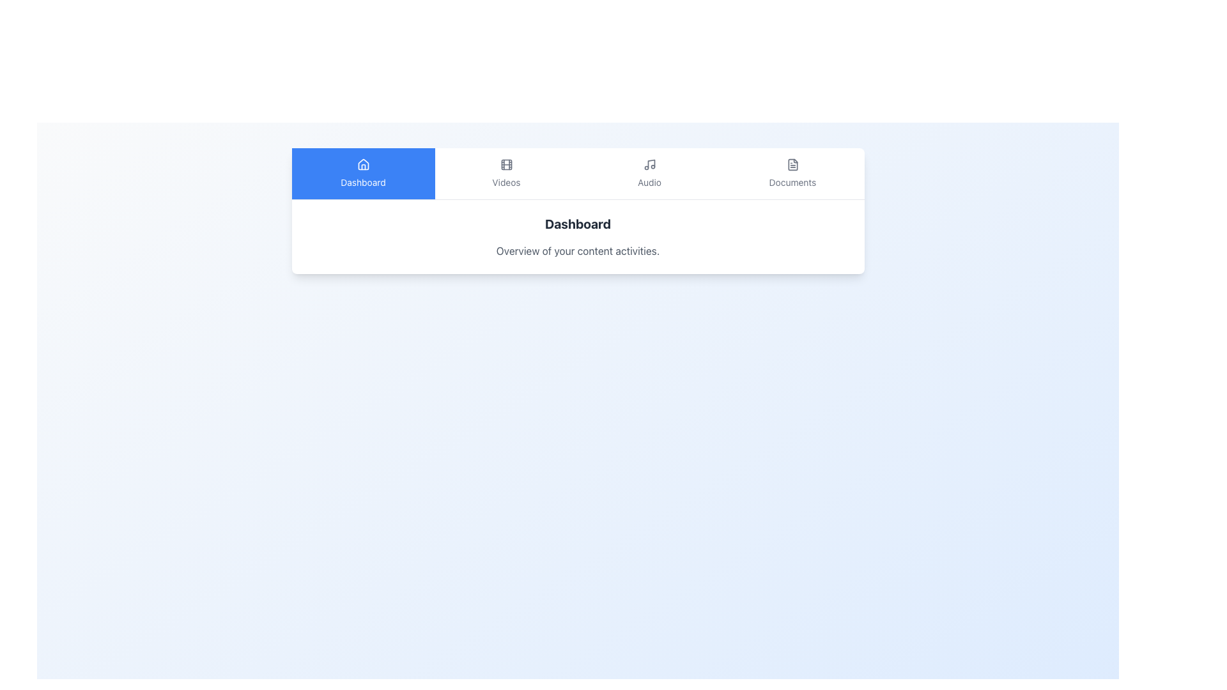 Image resolution: width=1227 pixels, height=690 pixels. I want to click on the primary rectangular box with rounded corners that is part of the film strip-themed icon, located within the 'Videos' navigation bar item, so click(505, 164).